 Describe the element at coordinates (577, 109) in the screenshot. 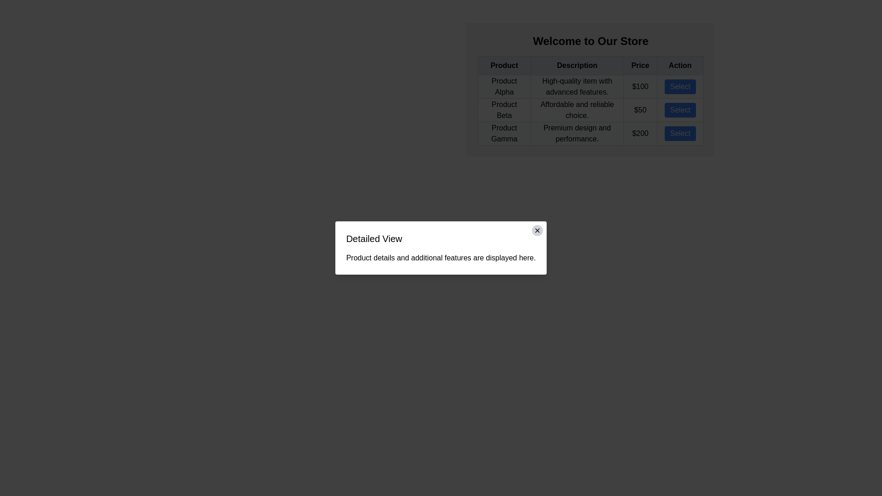

I see `the text label displaying 'Affordable and reliable choice.' located in the second column of the 'Product Beta' row in the table` at that location.